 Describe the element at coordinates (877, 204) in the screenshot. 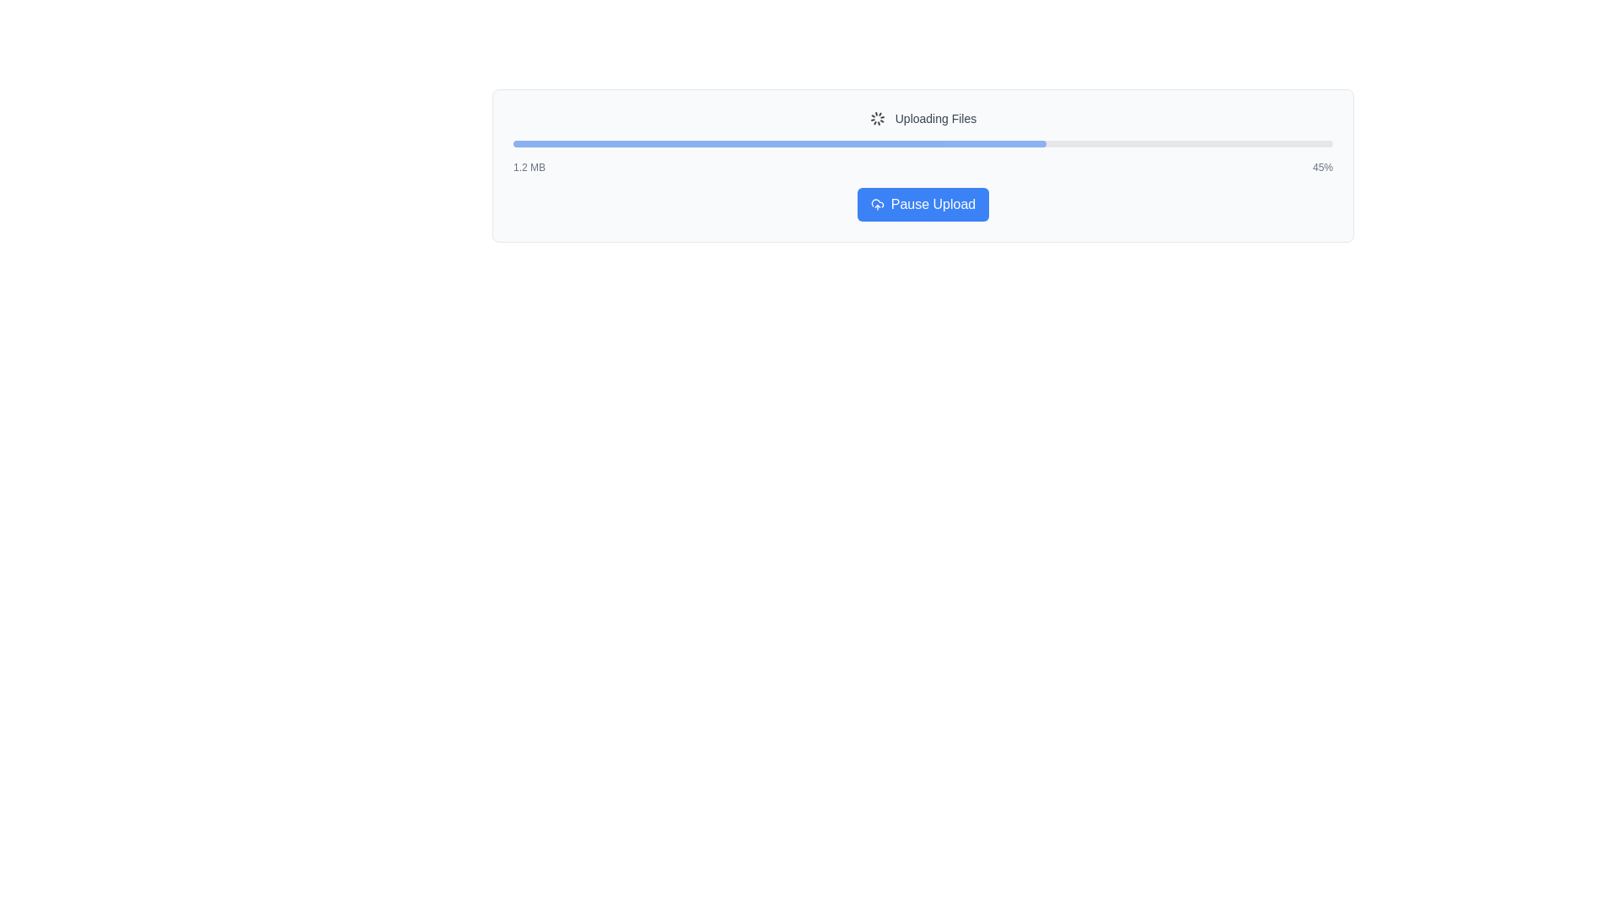

I see `the cloud-shaped icon with an upward arrow, which is located on the left side of the 'Pause Upload' button` at that location.